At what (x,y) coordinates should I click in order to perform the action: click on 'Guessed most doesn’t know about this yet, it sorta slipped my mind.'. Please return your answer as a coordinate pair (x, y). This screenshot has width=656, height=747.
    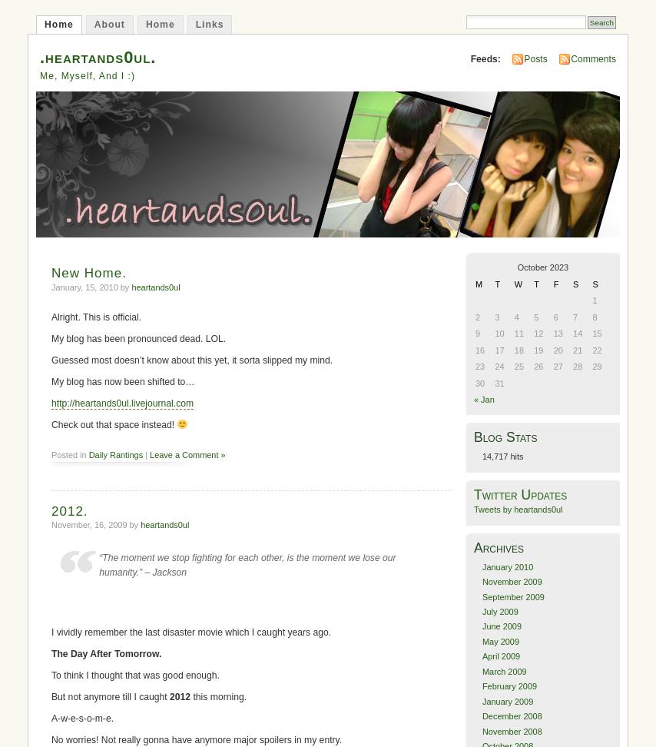
    Looking at the image, I should click on (191, 359).